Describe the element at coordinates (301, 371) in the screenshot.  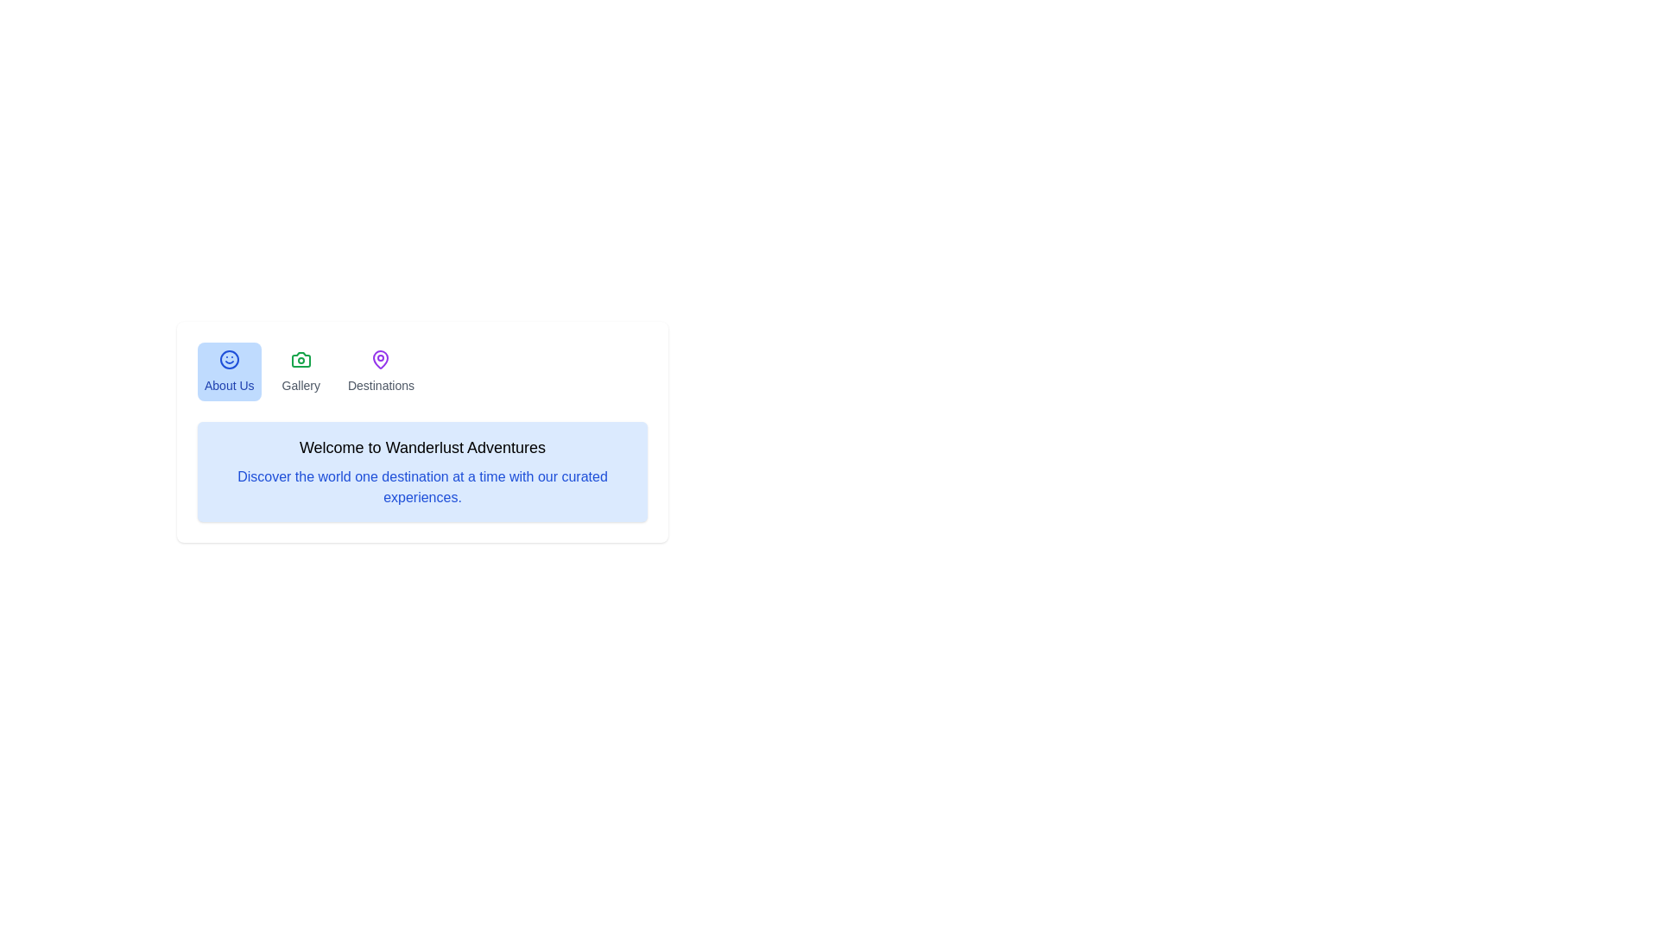
I see `the tab labeled Gallery to view its content` at that location.